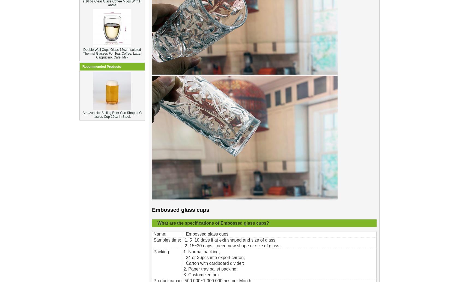  Describe the element at coordinates (213, 263) in the screenshot. I see `'Carton with cardboard divider;'` at that location.